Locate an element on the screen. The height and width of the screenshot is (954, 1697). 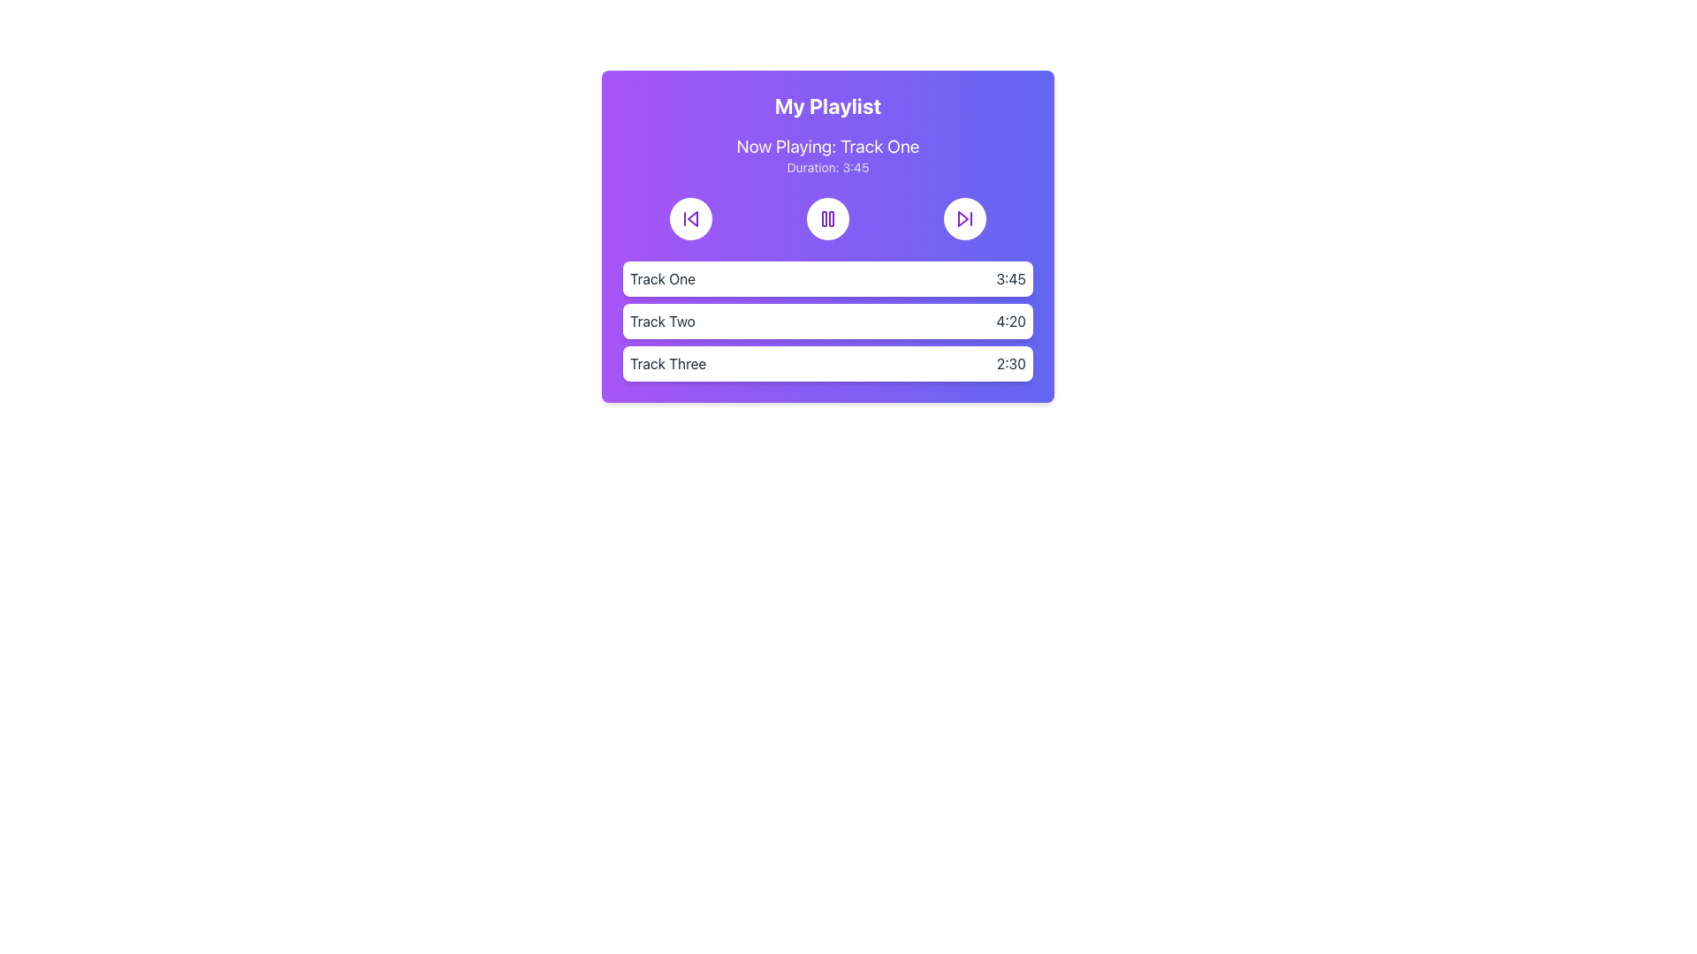
the rewind button, which is the right triangular inner part of the left-most button among three circular buttons on the left side of the central control section within a purple-themed card is located at coordinates (692, 217).